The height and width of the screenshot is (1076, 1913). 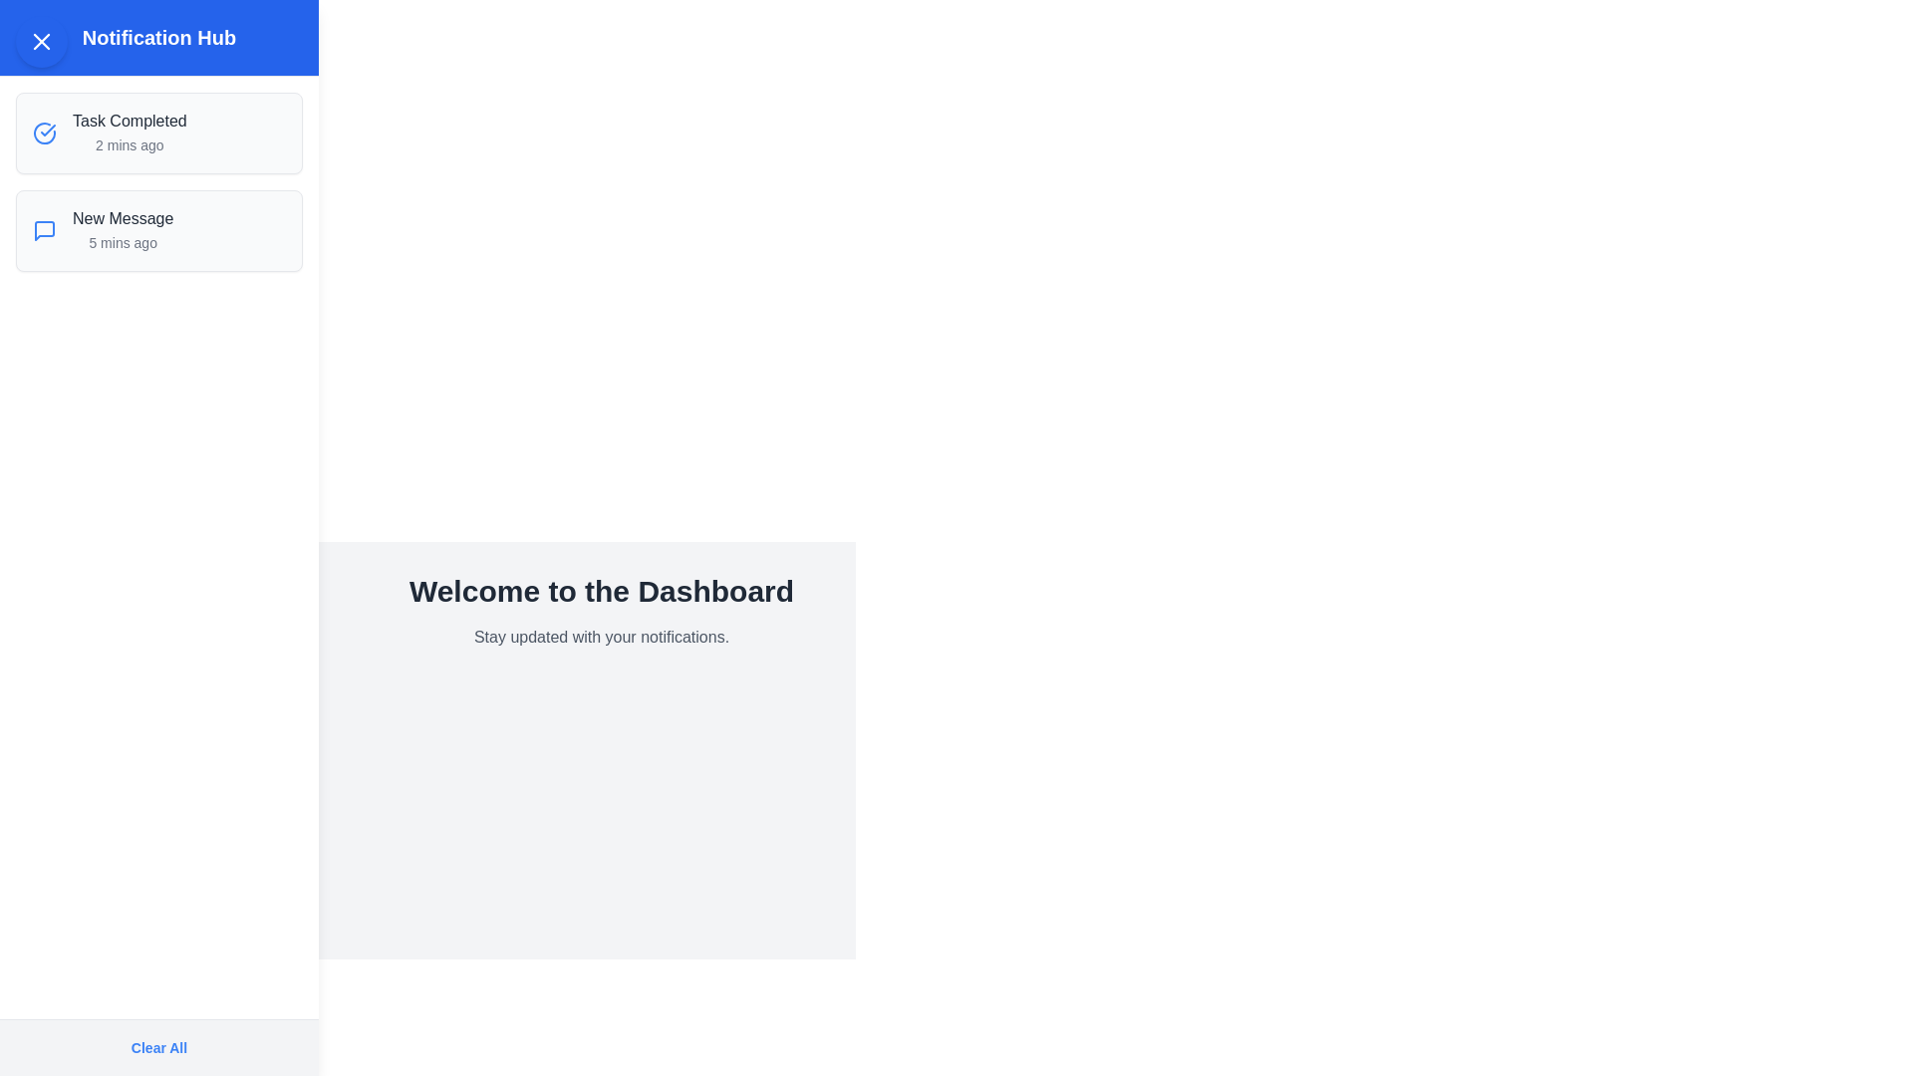 What do you see at coordinates (157, 1047) in the screenshot?
I see `the interactive link located at the bottom-left corner of the interface within the gray background footer` at bounding box center [157, 1047].